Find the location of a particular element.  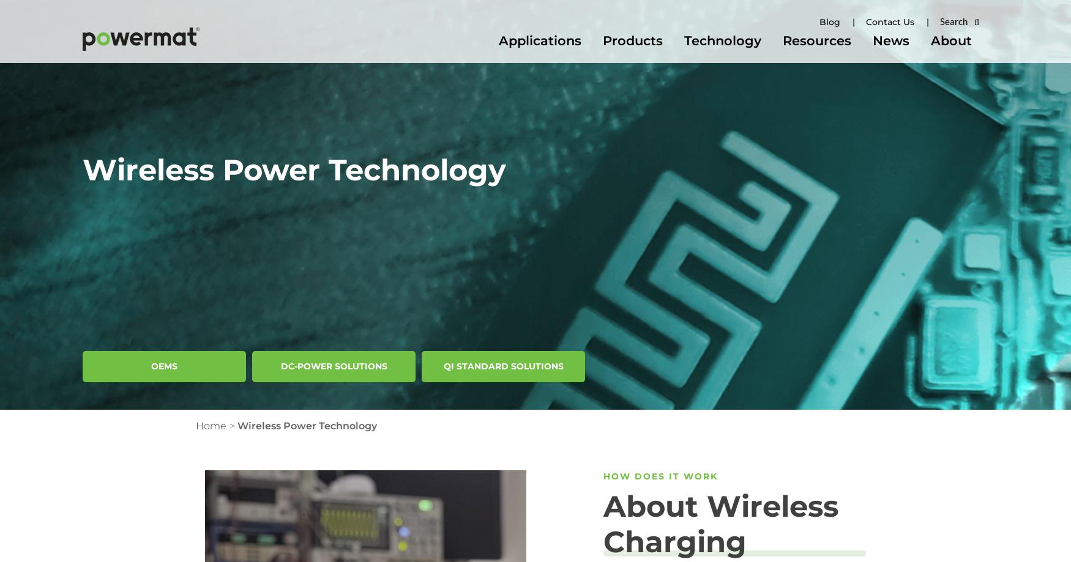

'Products' is located at coordinates (632, 40).